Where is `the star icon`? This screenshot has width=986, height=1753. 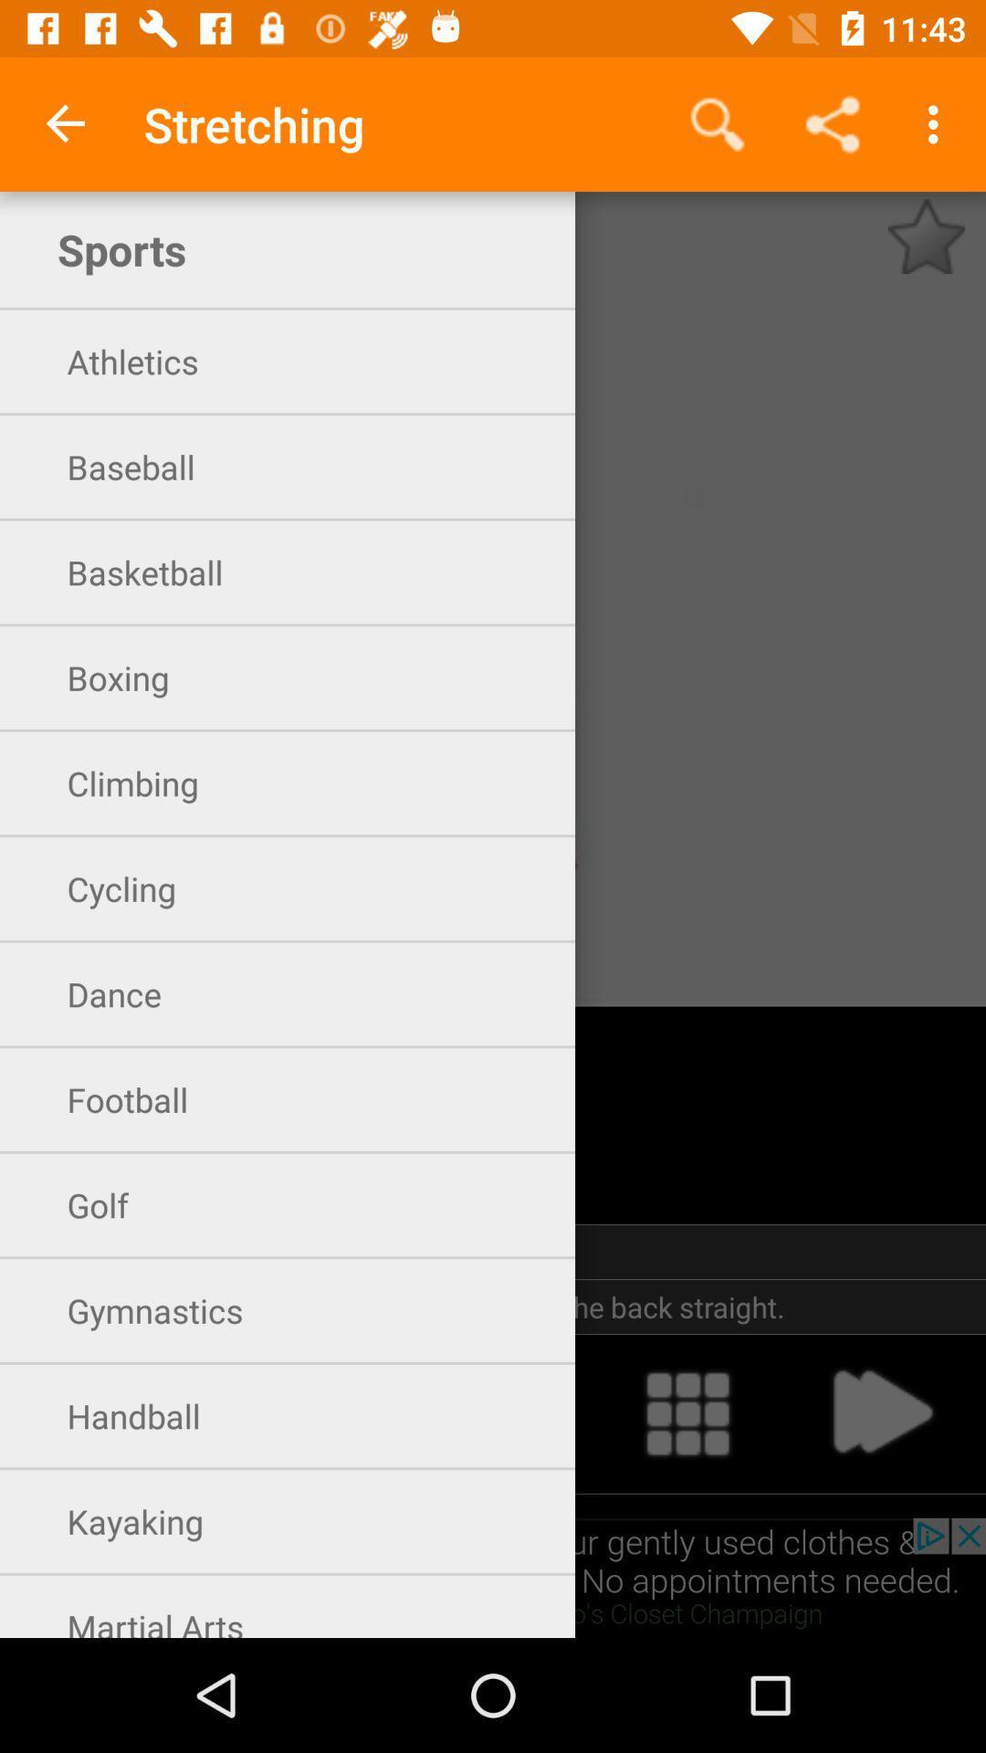 the star icon is located at coordinates (926, 236).